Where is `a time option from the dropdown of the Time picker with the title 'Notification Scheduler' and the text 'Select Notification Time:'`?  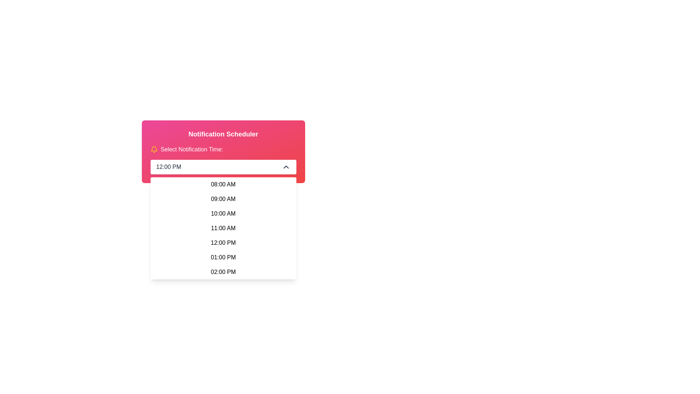 a time option from the dropdown of the Time picker with the title 'Notification Scheduler' and the text 'Select Notification Time:' is located at coordinates (223, 151).